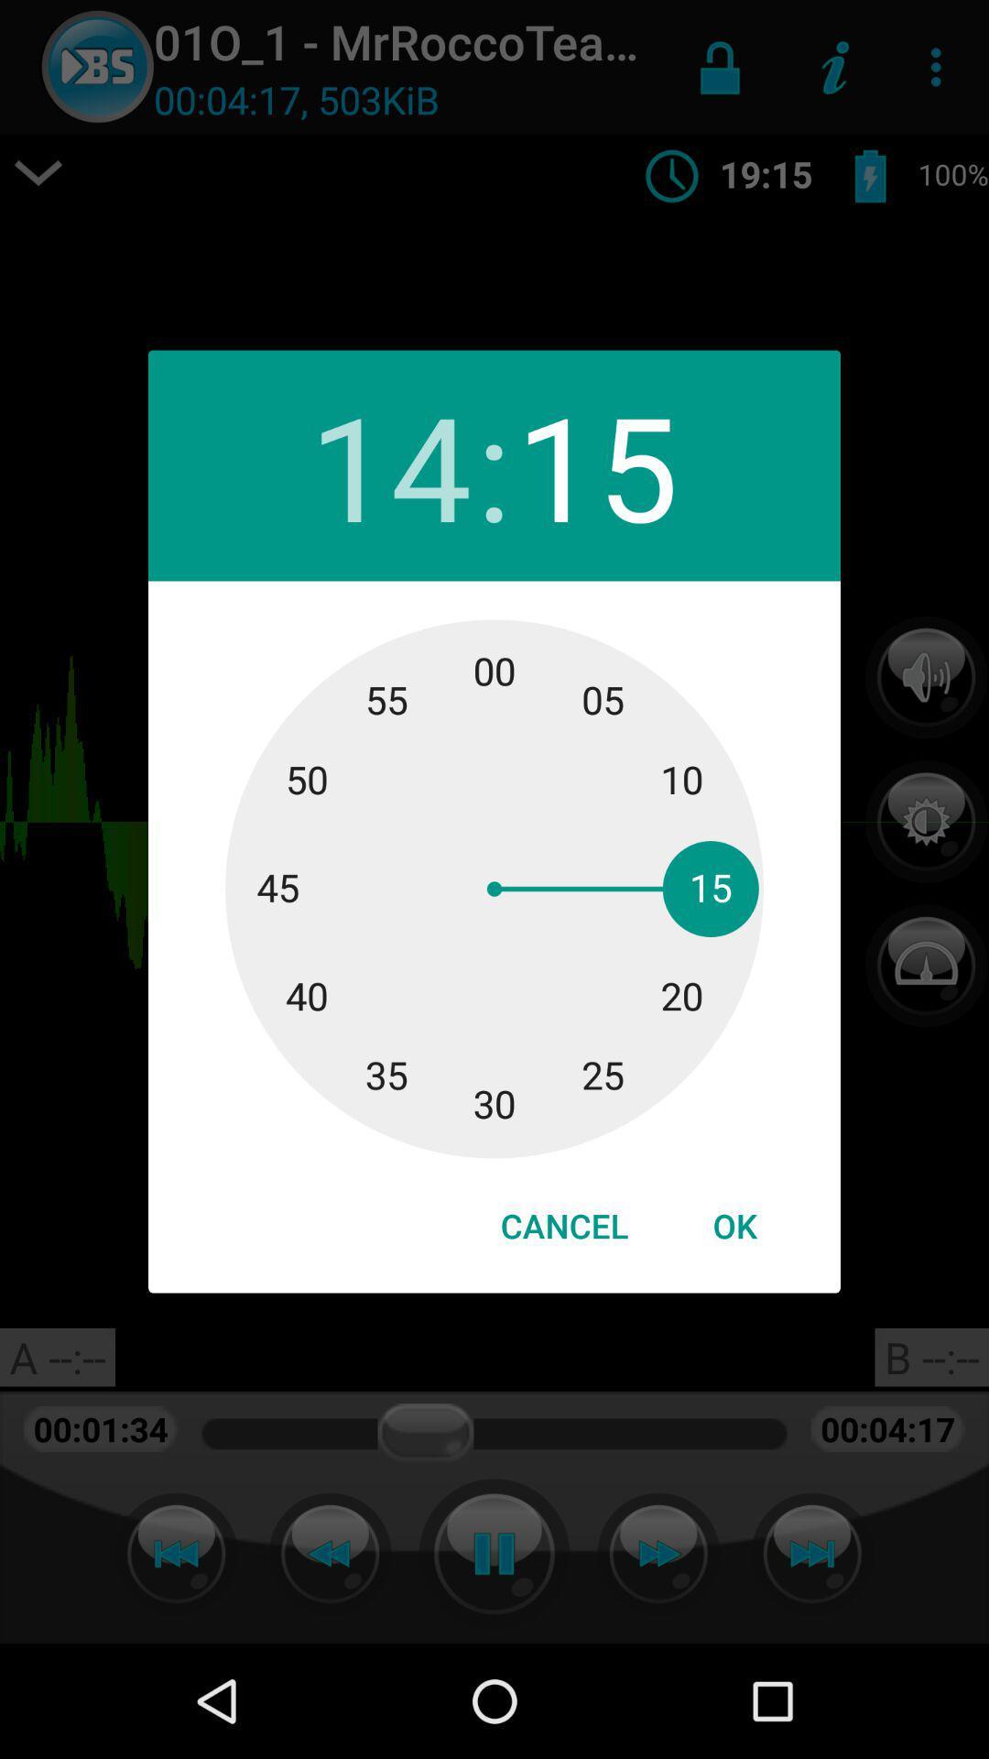 Image resolution: width=989 pixels, height=1759 pixels. I want to click on the item to the left of the : icon, so click(389, 465).